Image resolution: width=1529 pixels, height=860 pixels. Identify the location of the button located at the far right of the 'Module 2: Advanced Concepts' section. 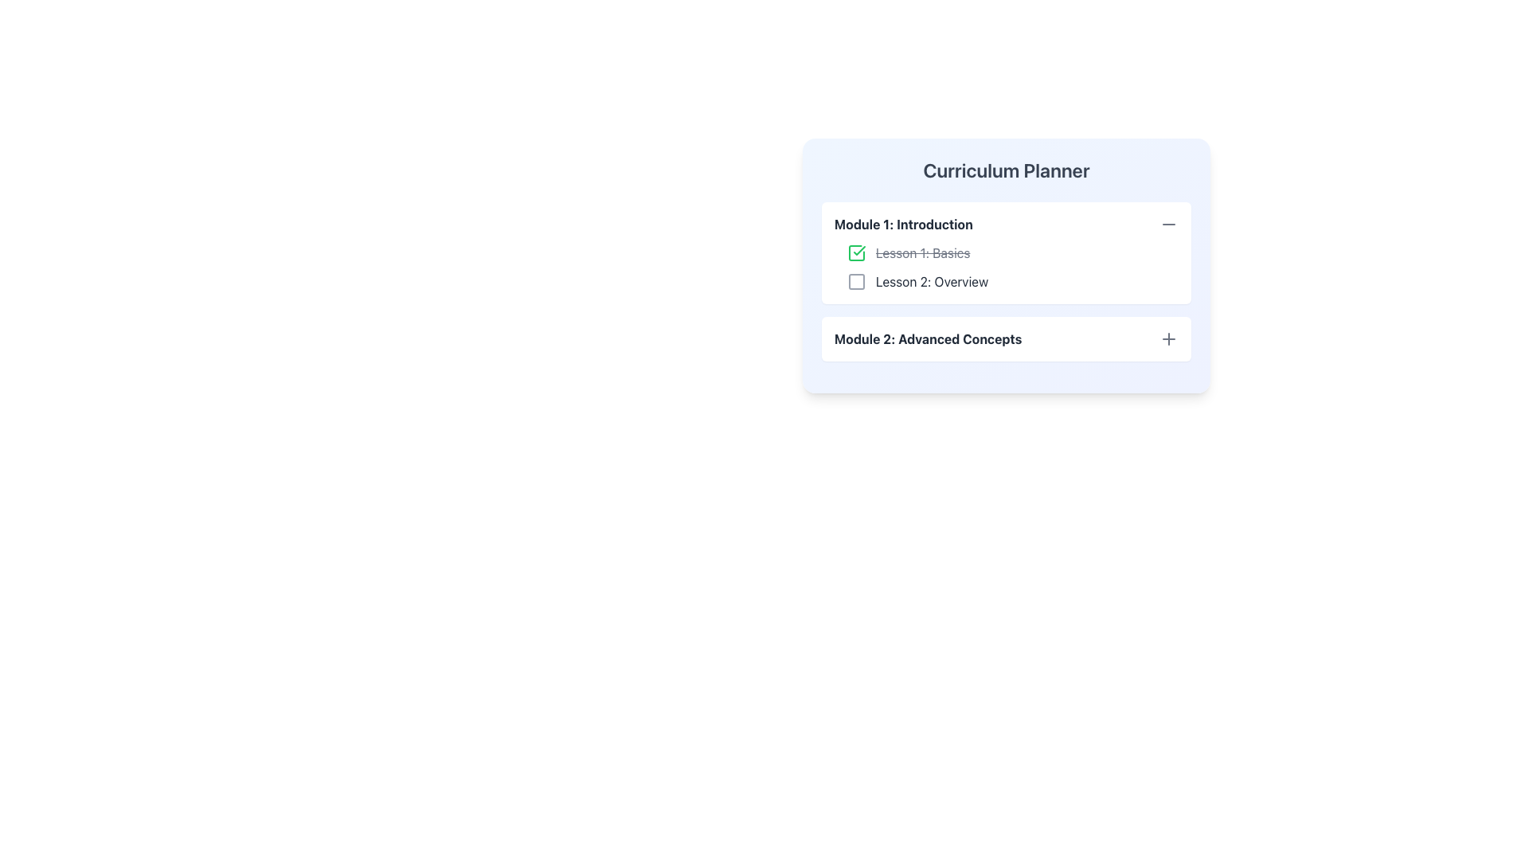
(1169, 338).